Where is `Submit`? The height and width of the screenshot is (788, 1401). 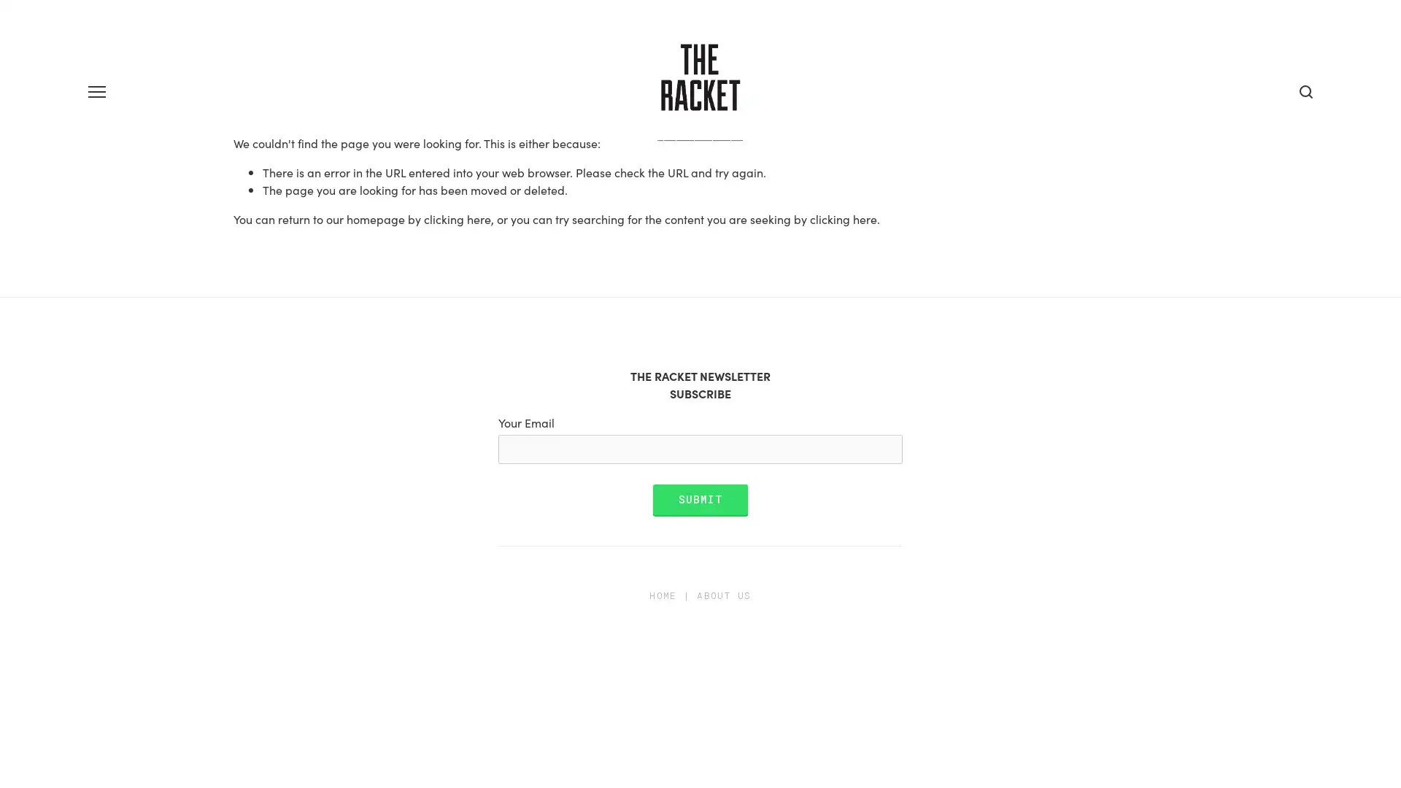
Submit is located at coordinates (699, 549).